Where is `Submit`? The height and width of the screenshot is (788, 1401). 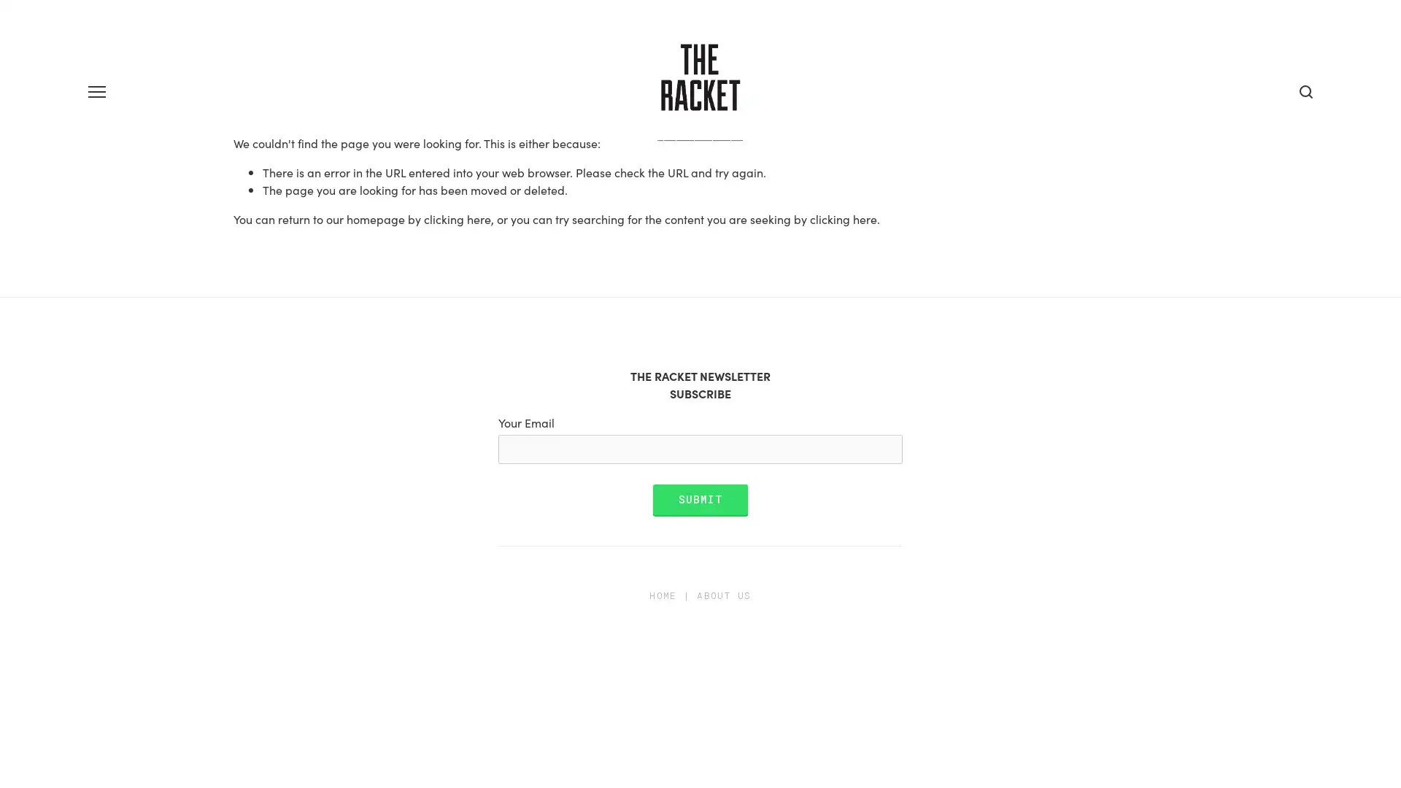
Submit is located at coordinates (699, 549).